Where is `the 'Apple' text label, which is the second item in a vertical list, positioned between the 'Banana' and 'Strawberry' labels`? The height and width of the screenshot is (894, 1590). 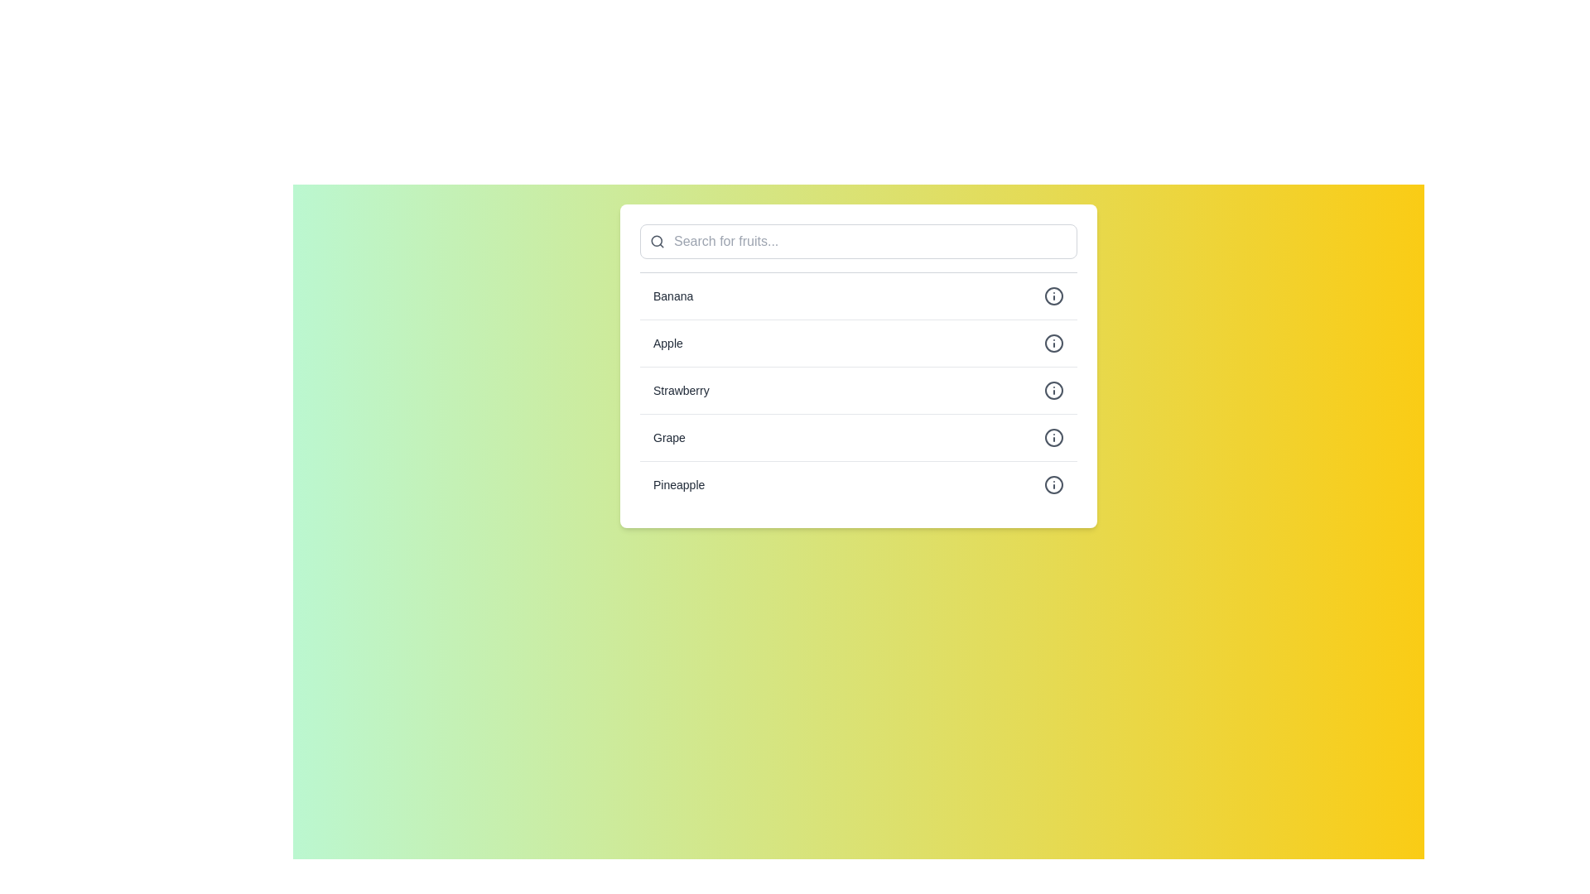 the 'Apple' text label, which is the second item in a vertical list, positioned between the 'Banana' and 'Strawberry' labels is located at coordinates (667, 343).